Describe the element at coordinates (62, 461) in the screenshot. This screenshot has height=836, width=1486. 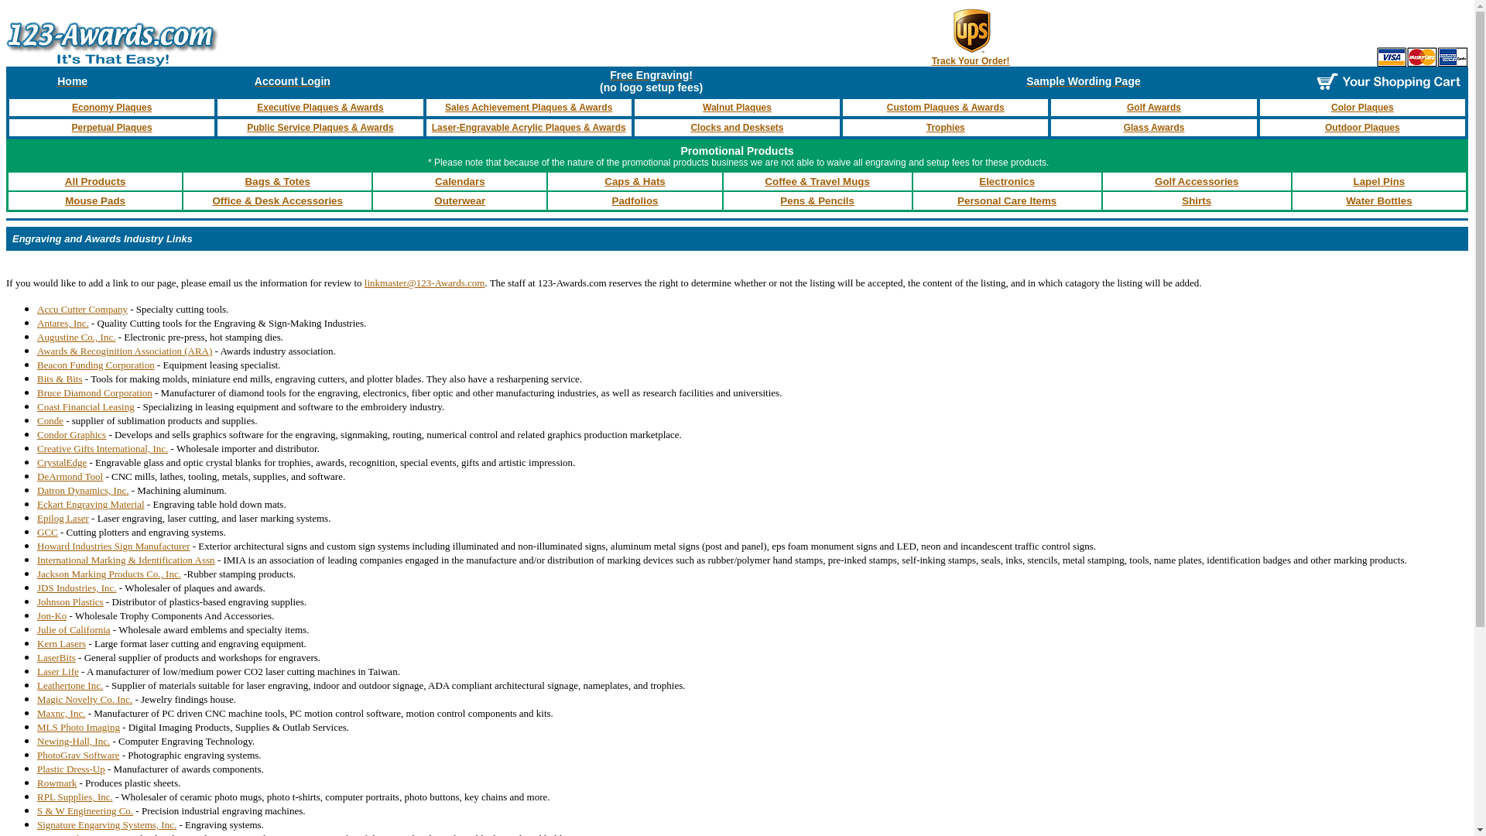
I see `'CrystalEdge'` at that location.